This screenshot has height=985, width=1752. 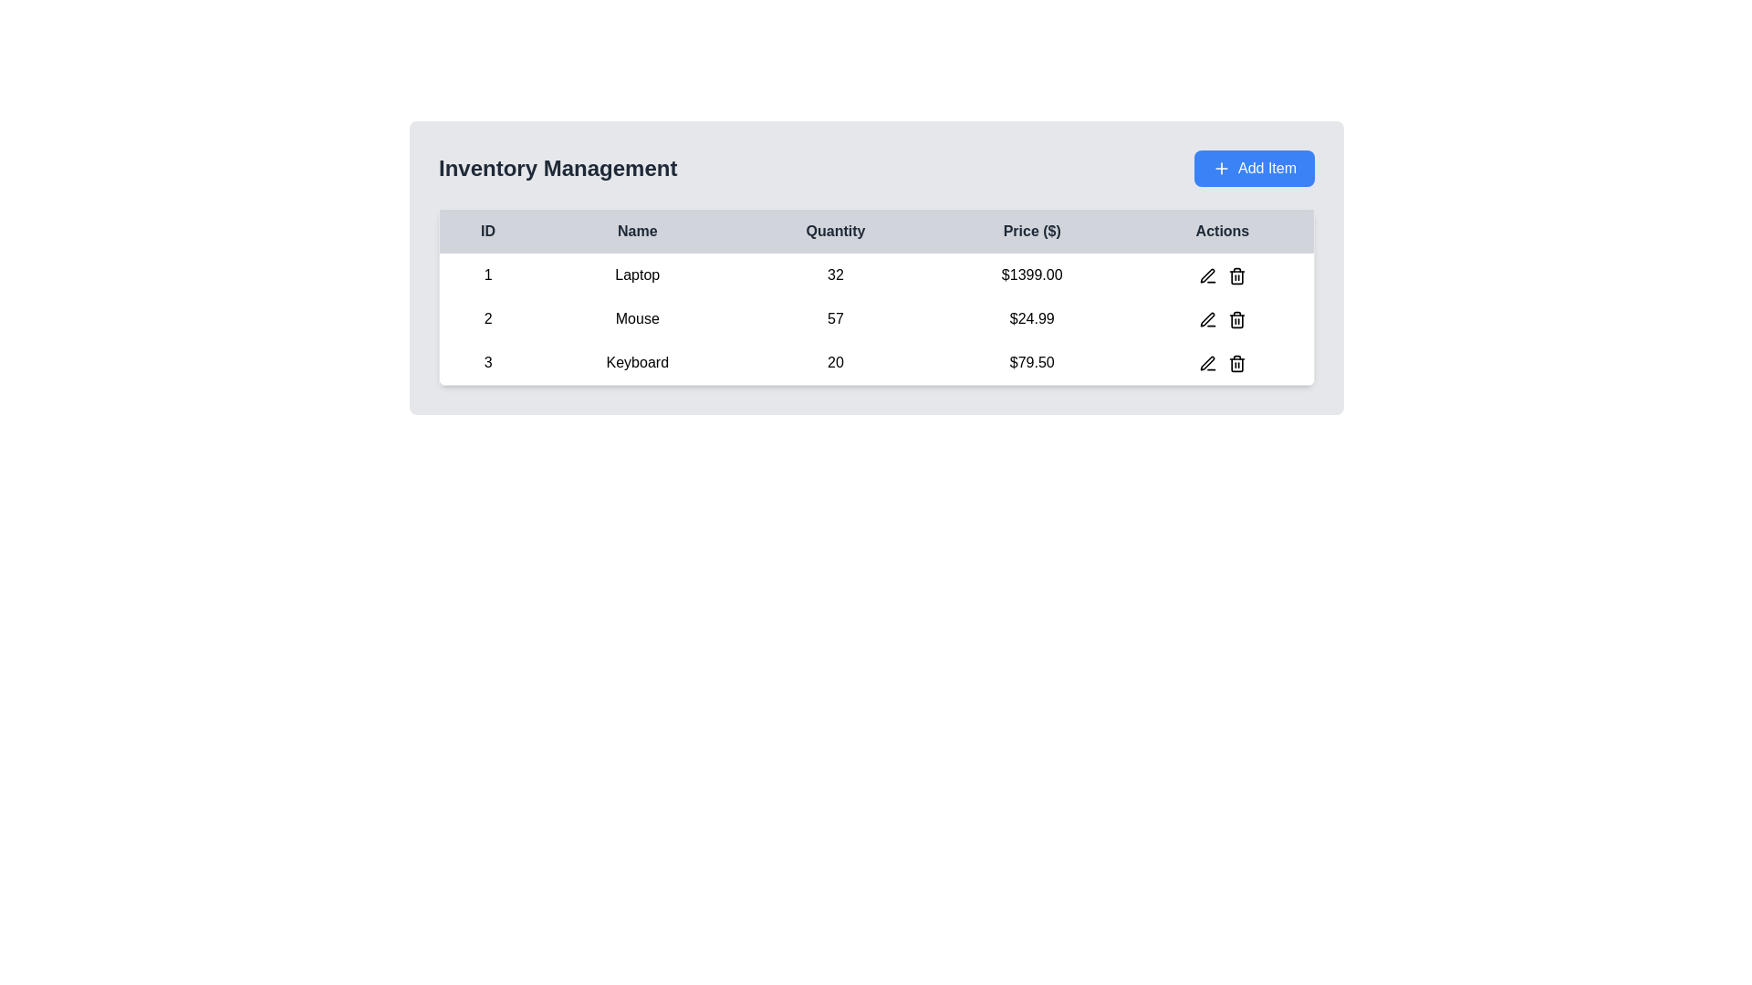 I want to click on the 'Add Item' button located in the upper-right corner of the inventory management interface, which contains the icon serving as a visual indicator, so click(x=1222, y=169).